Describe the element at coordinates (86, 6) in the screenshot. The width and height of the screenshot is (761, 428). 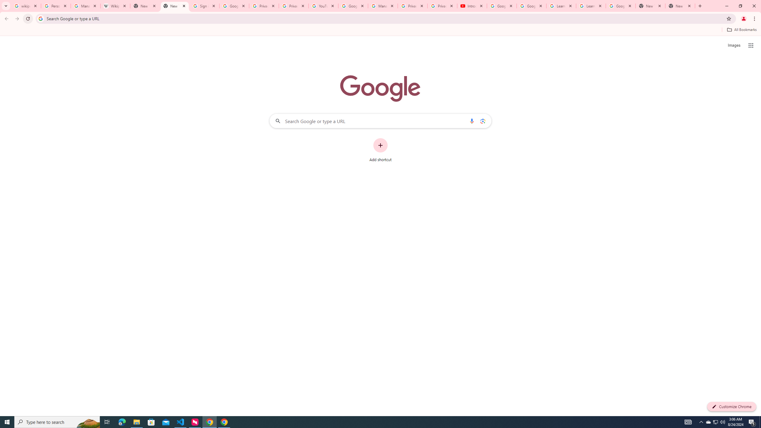
I see `'Manage your Location History - Google Search Help'` at that location.